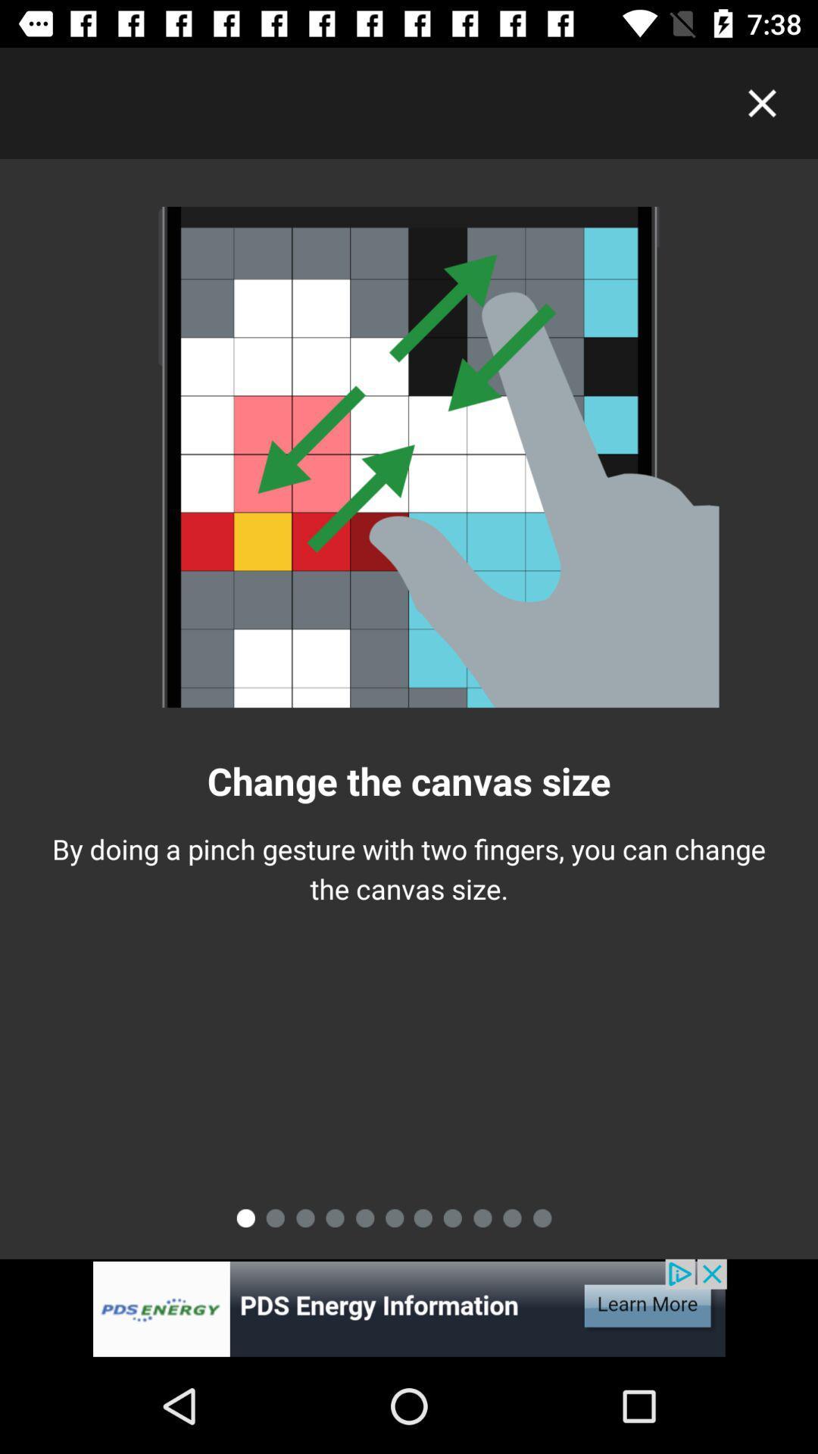 The height and width of the screenshot is (1454, 818). I want to click on exit popup, so click(762, 102).